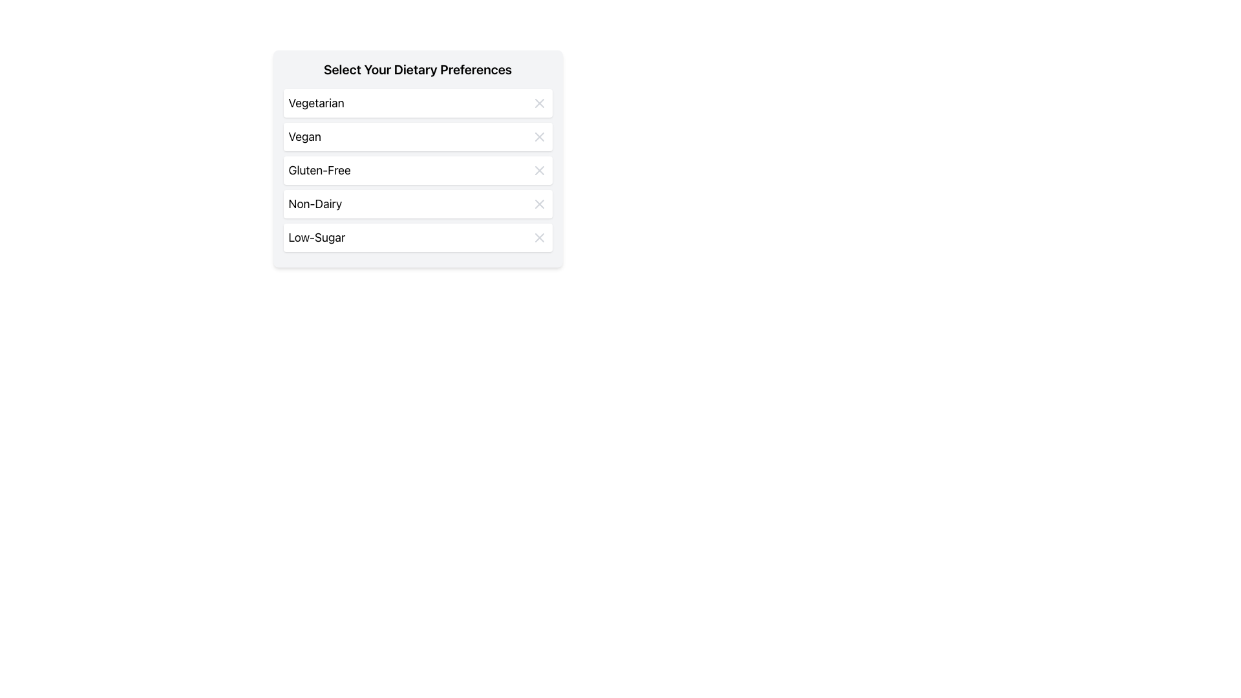  I want to click on the 'Non-Dairy' dietary preference text label located in the third item of the vertical list labeled 'Select Your Dietary Preferences.', so click(315, 204).